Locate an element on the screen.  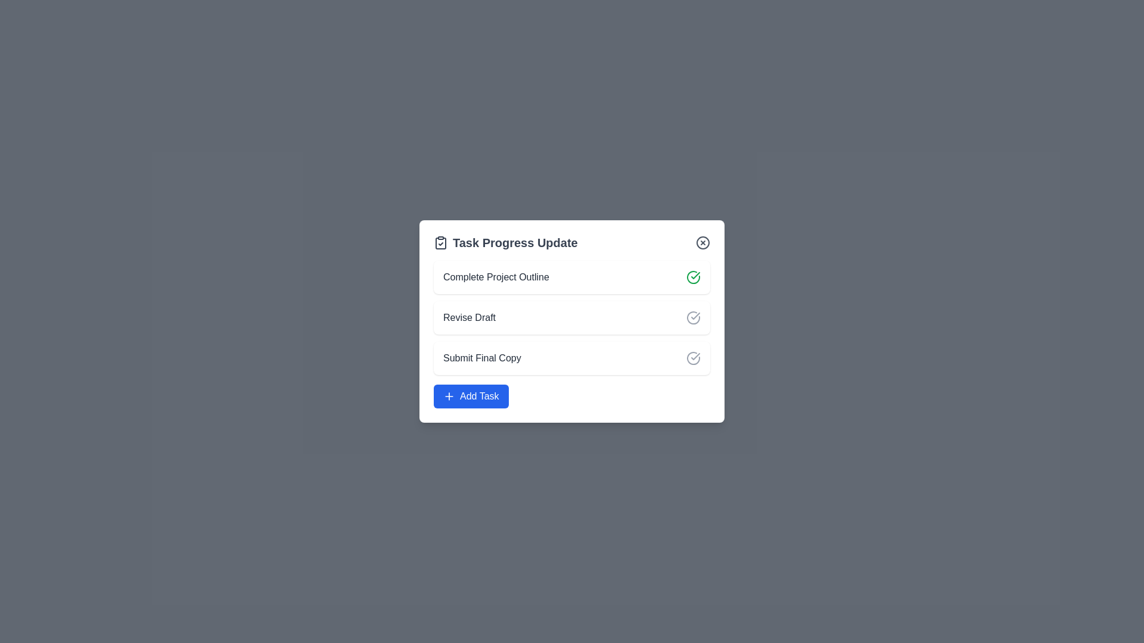
the Task item labeled 'Revise Draft' in the task list, which is the second item with a white background and rounded corners, positioned between 'Complete Project Outline' and 'Submit Final Copy' is located at coordinates (572, 317).